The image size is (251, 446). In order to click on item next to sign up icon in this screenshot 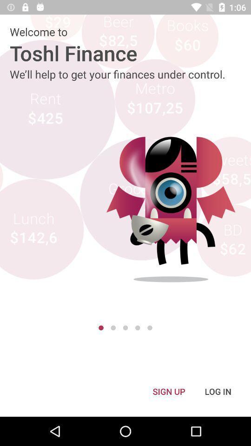, I will do `click(218, 391)`.